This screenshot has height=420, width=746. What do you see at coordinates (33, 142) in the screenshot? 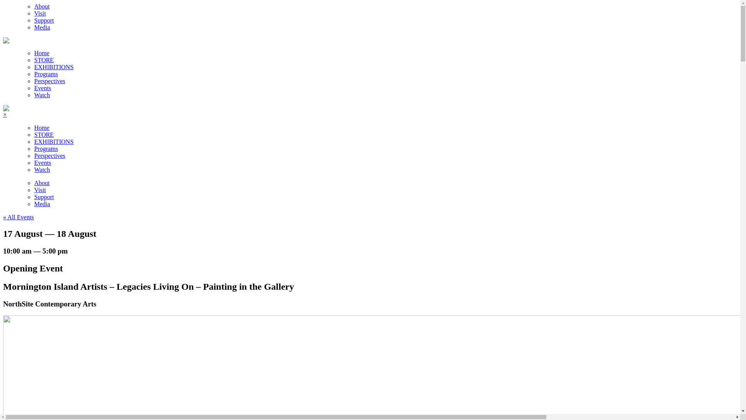
I see `'EXHIBITIONS'` at bounding box center [33, 142].